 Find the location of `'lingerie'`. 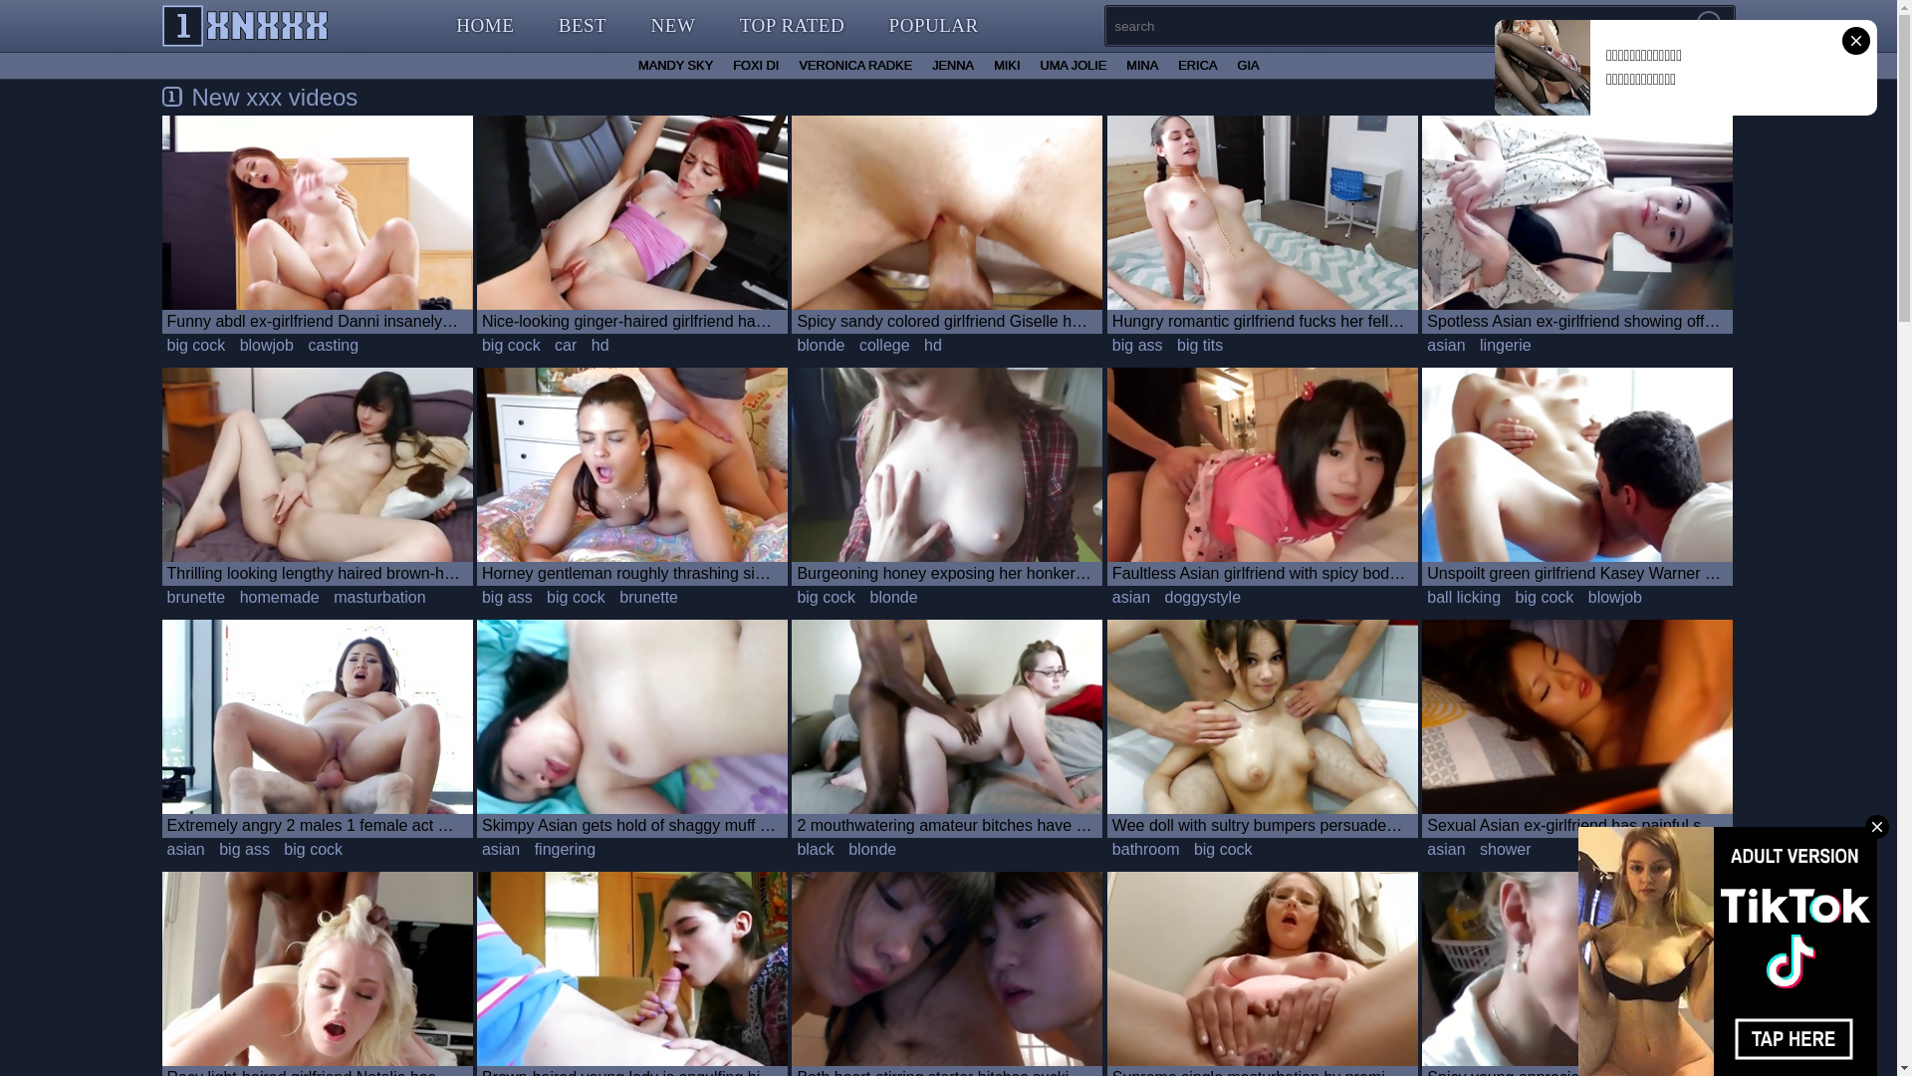

'lingerie' is located at coordinates (1475, 345).